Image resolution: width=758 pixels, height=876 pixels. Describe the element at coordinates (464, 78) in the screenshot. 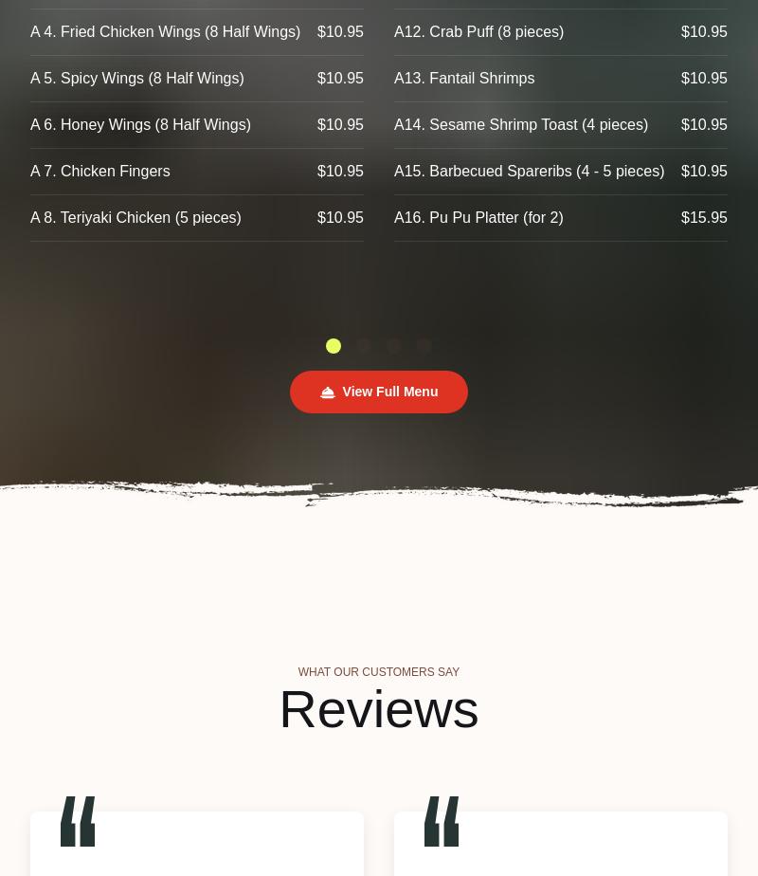

I see `'A13. Fantail Shrimps'` at that location.